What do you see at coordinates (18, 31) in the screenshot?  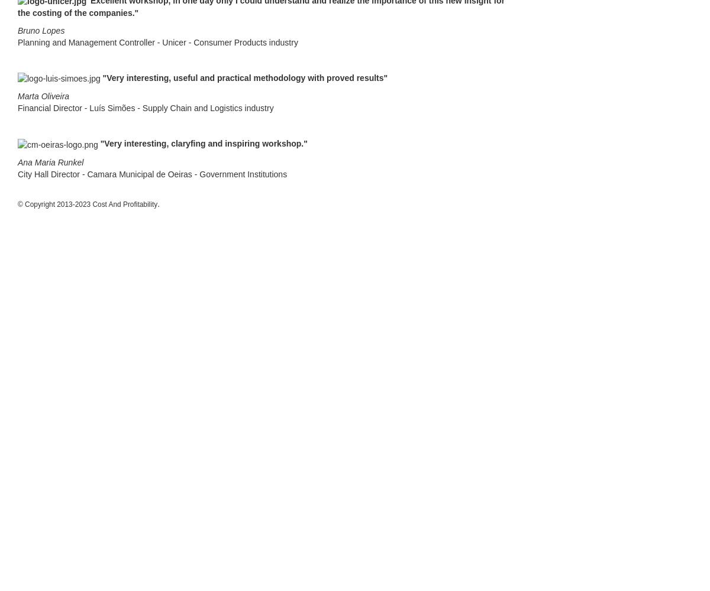 I see `'Bruno Lopes'` at bounding box center [18, 31].